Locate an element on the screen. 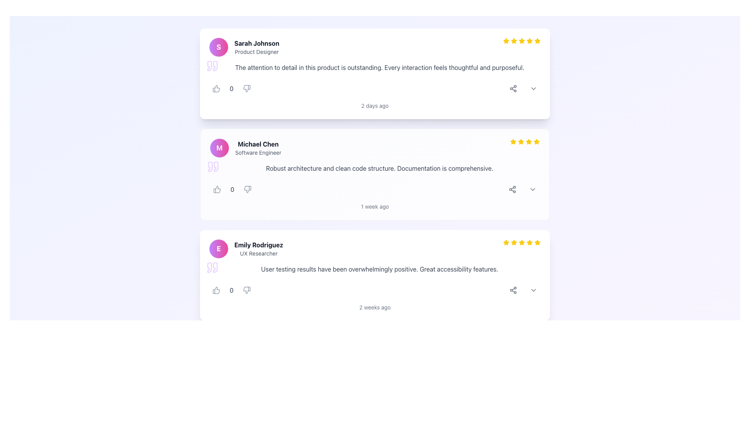 This screenshot has width=750, height=422. the Profile information display, which shows the user's avatar, name, and role, located in the top-most card of user reviews on the left side is located at coordinates (244, 47).